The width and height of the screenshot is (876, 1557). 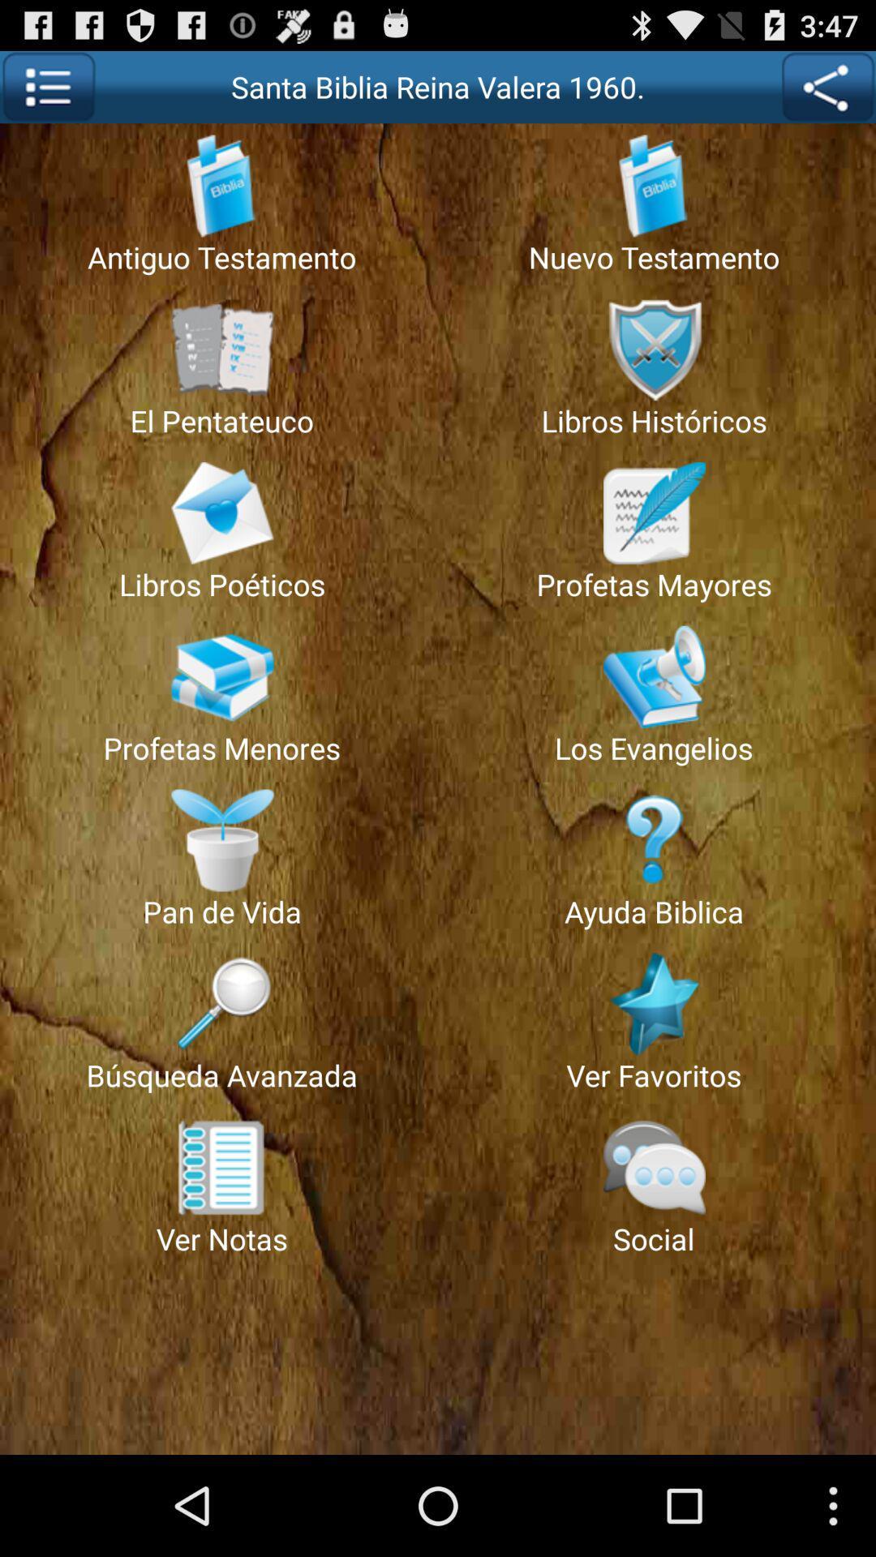 I want to click on open menu selection, so click(x=47, y=86).